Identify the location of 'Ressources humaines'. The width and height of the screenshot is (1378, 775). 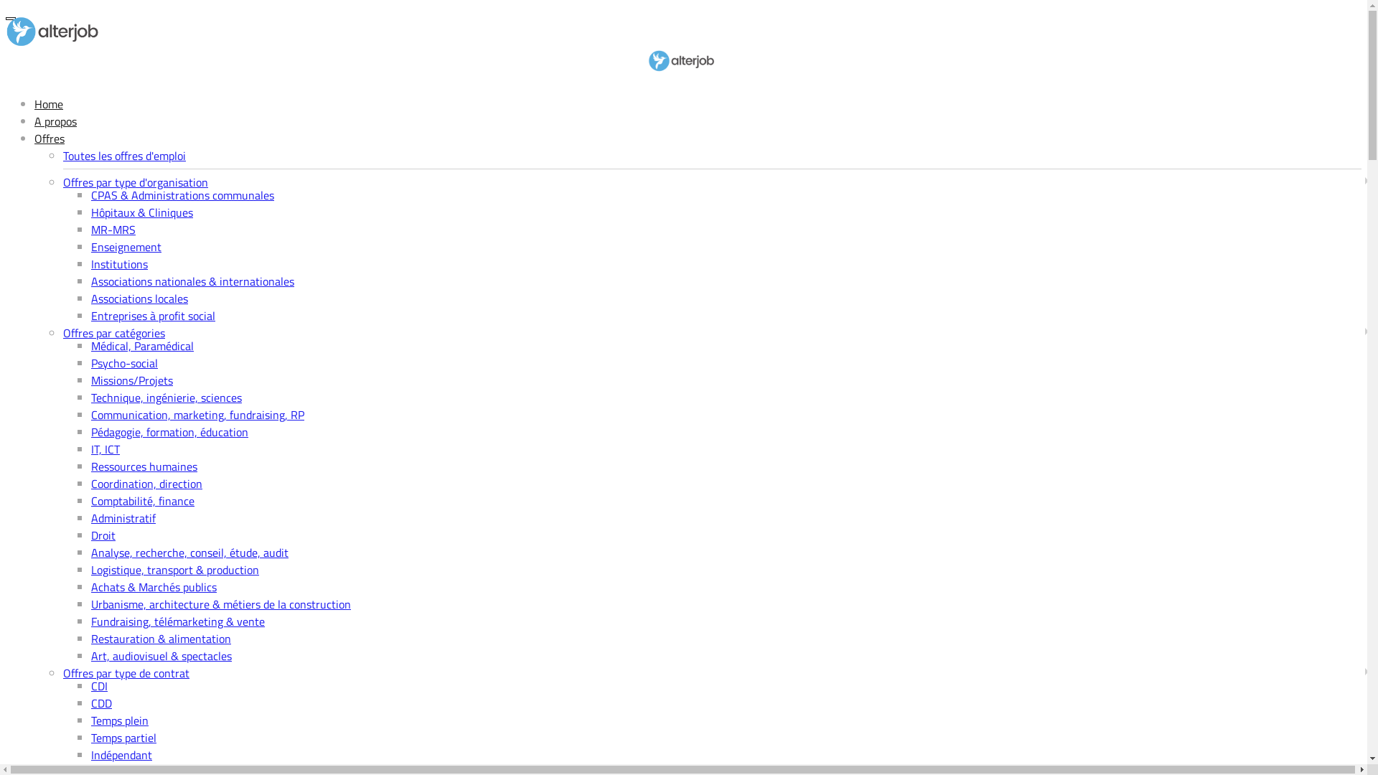
(144, 466).